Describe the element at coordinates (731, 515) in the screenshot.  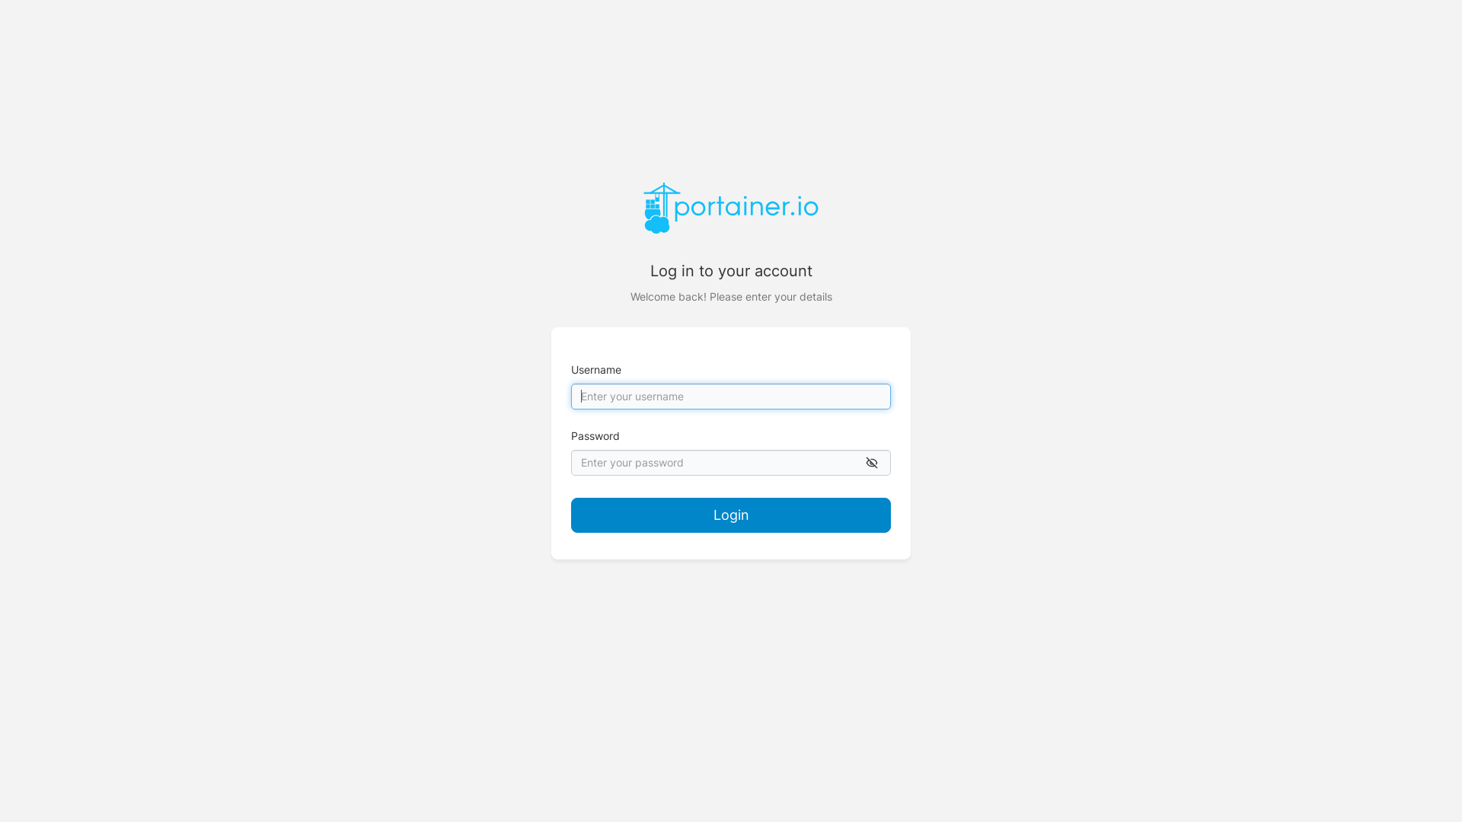
I see `'Login'` at that location.